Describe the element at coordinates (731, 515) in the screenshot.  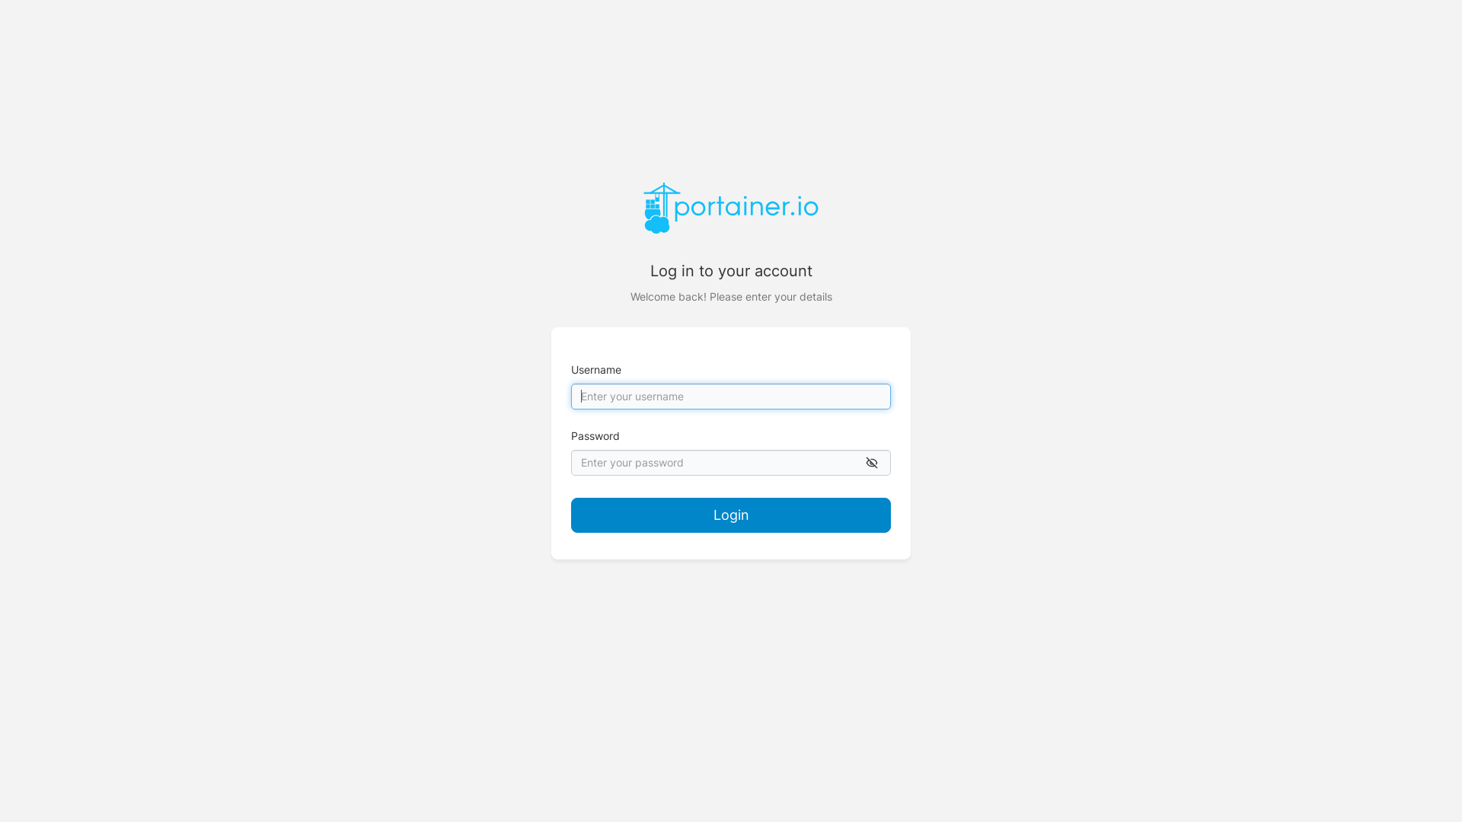
I see `'Login'` at that location.